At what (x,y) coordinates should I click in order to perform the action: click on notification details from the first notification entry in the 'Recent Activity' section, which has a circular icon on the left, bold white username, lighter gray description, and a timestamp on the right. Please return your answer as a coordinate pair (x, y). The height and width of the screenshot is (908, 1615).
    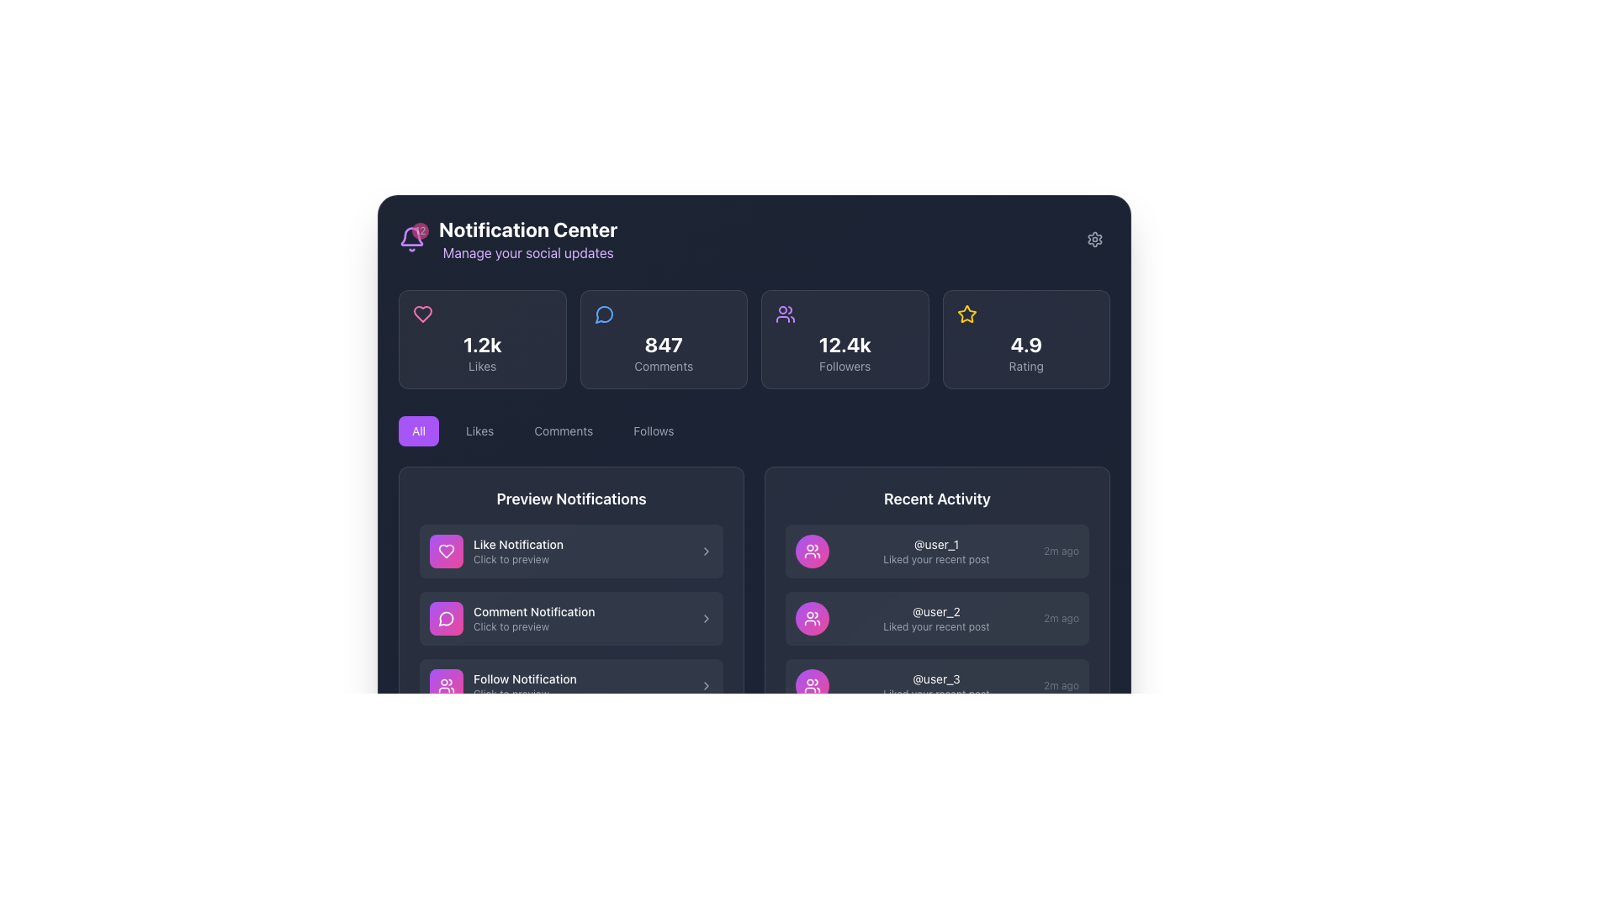
    Looking at the image, I should click on (936, 551).